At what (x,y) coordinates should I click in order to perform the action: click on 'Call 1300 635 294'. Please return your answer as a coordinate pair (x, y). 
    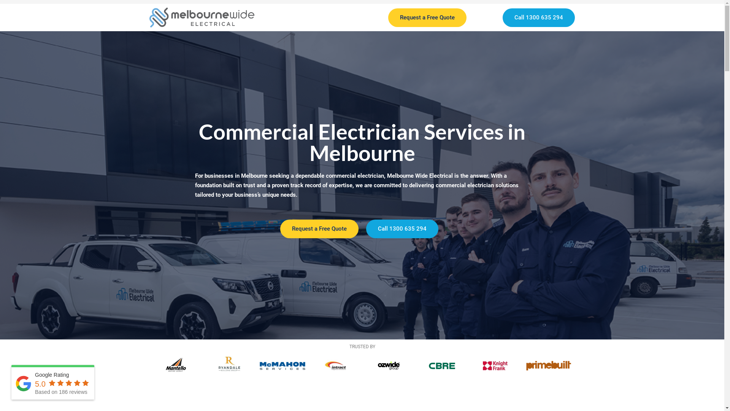
    Looking at the image, I should click on (538, 17).